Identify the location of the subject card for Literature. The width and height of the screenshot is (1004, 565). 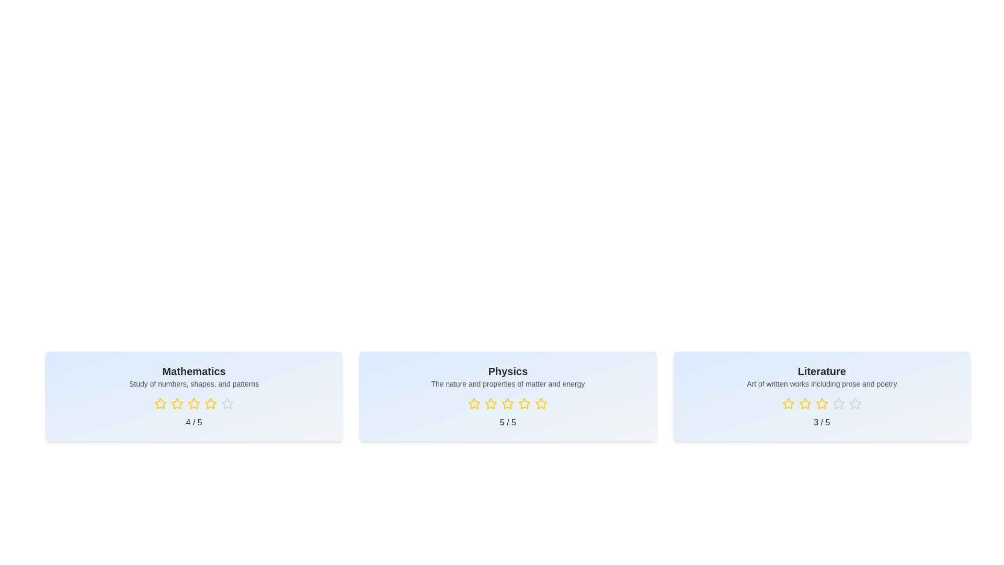
(820, 397).